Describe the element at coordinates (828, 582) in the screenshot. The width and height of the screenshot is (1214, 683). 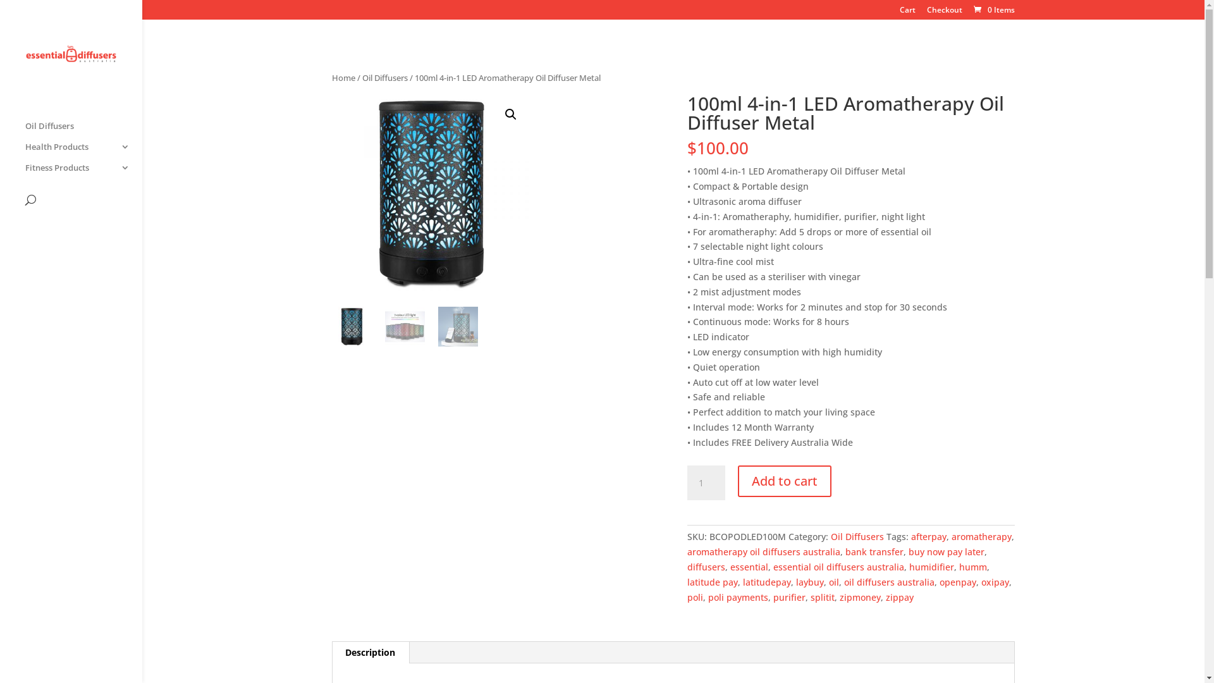
I see `'oil'` at that location.